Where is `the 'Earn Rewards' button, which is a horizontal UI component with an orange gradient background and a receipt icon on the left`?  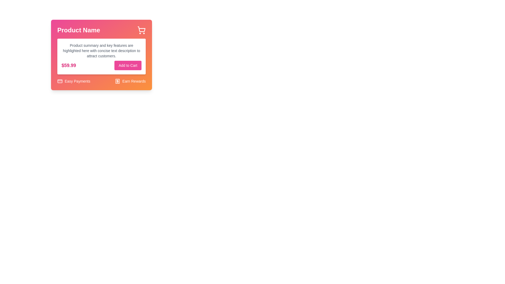 the 'Earn Rewards' button, which is a horizontal UI component with an orange gradient background and a receipt icon on the left is located at coordinates (130, 81).